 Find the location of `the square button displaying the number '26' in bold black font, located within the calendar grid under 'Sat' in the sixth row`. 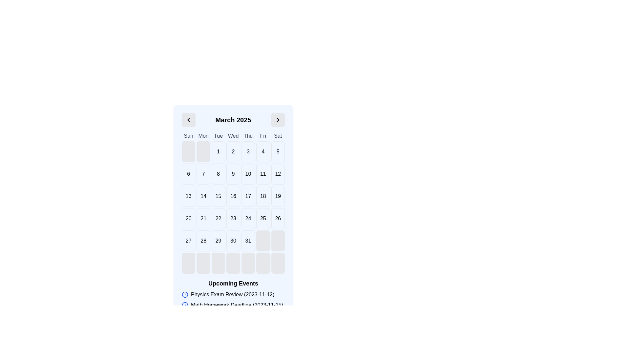

the square button displaying the number '26' in bold black font, located within the calendar grid under 'Sat' in the sixth row is located at coordinates (278, 219).